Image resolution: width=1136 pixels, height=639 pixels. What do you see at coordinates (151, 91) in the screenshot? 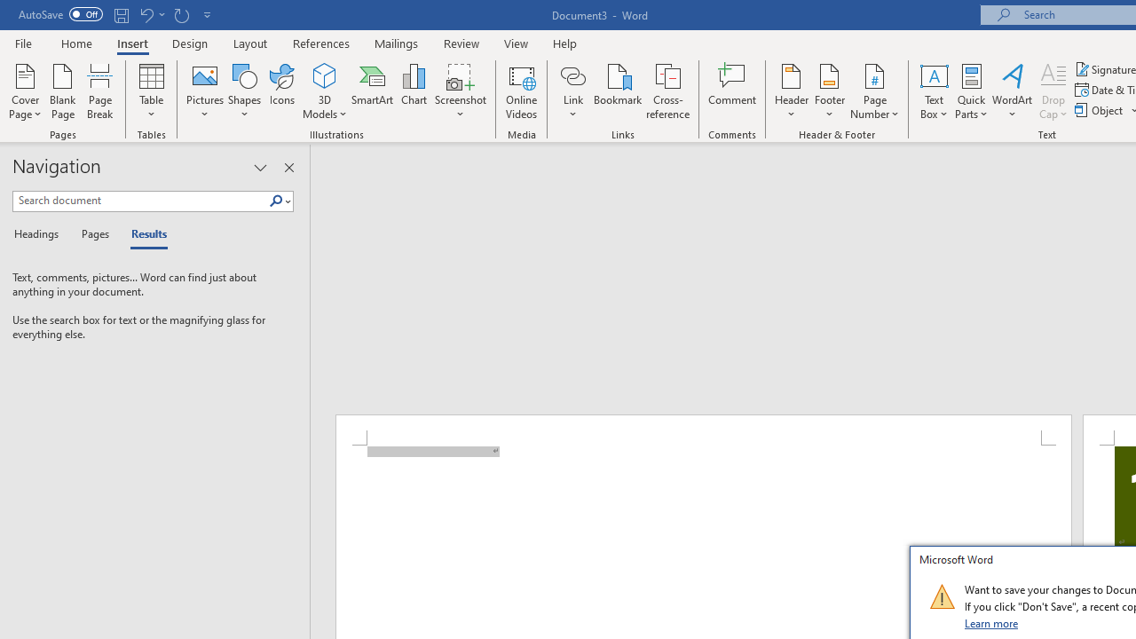
I see `'Table'` at bounding box center [151, 91].